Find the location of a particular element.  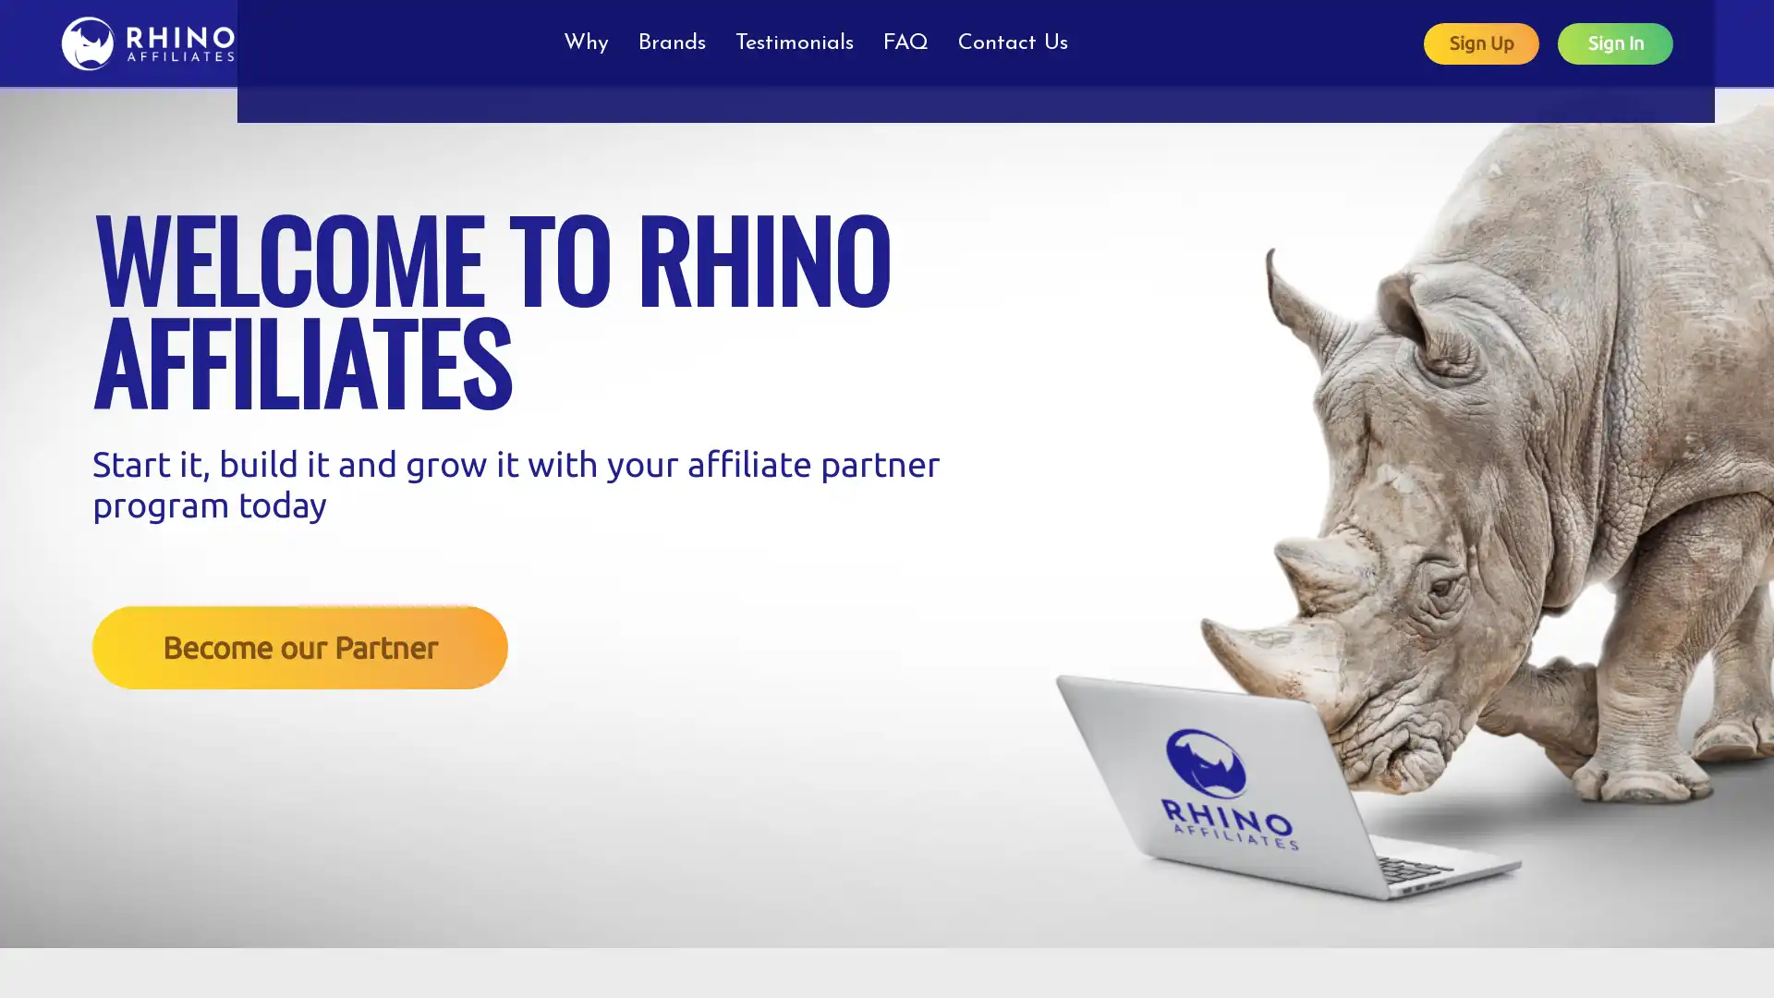

Become our Partner is located at coordinates (300, 645).